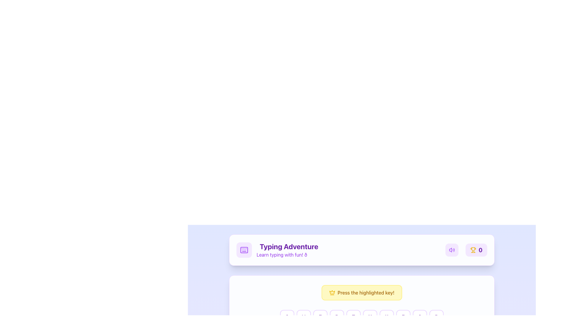 The image size is (569, 320). What do you see at coordinates (289, 250) in the screenshot?
I see `the text block displaying 'Typing Adventure.' and 'Learn typing with fun! 🌟.' by moving the cursor to its center point` at bounding box center [289, 250].